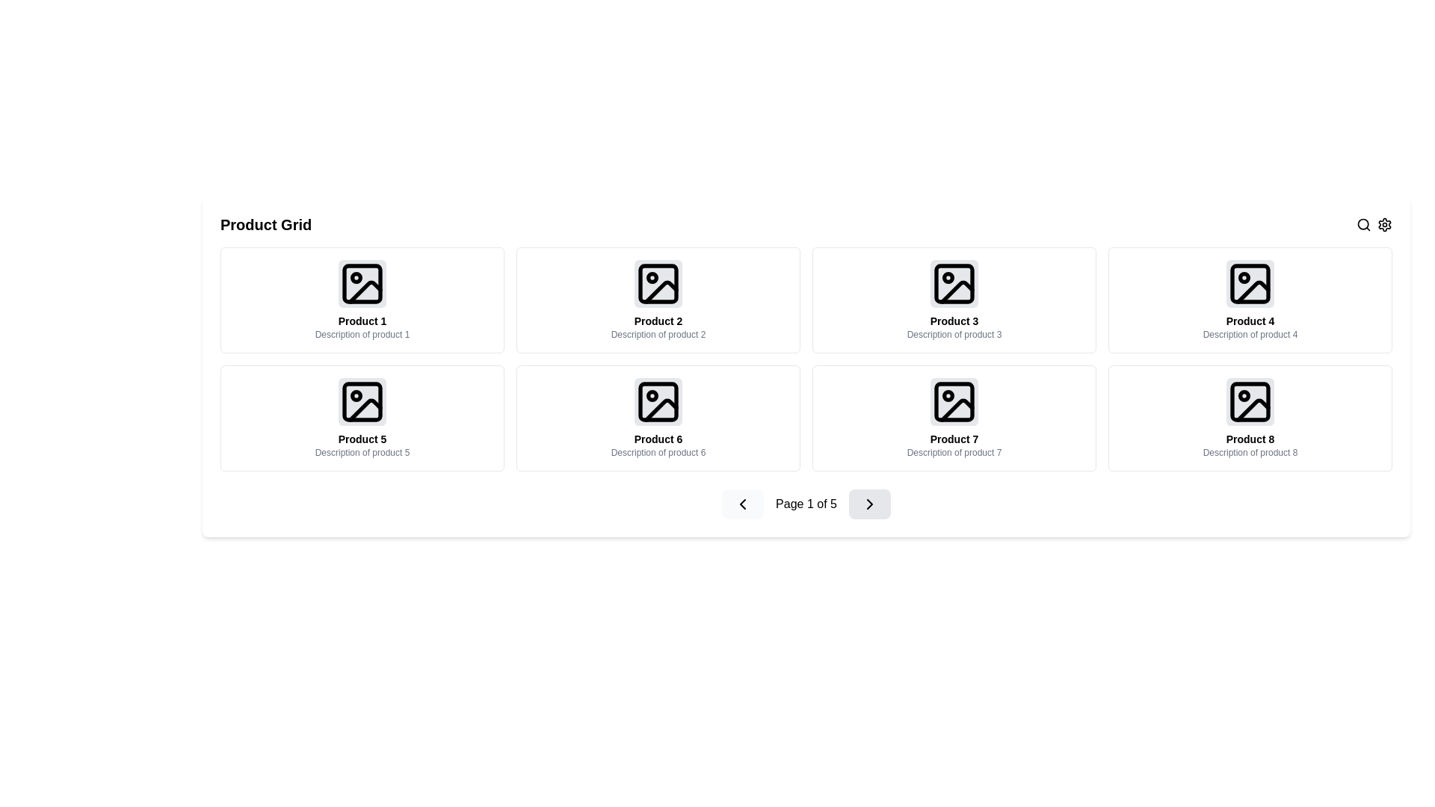 This screenshot has width=1435, height=807. I want to click on the Decorative SVG rectangle located in the bottom-right corner of the product grid for 'Product 8', so click(1250, 401).